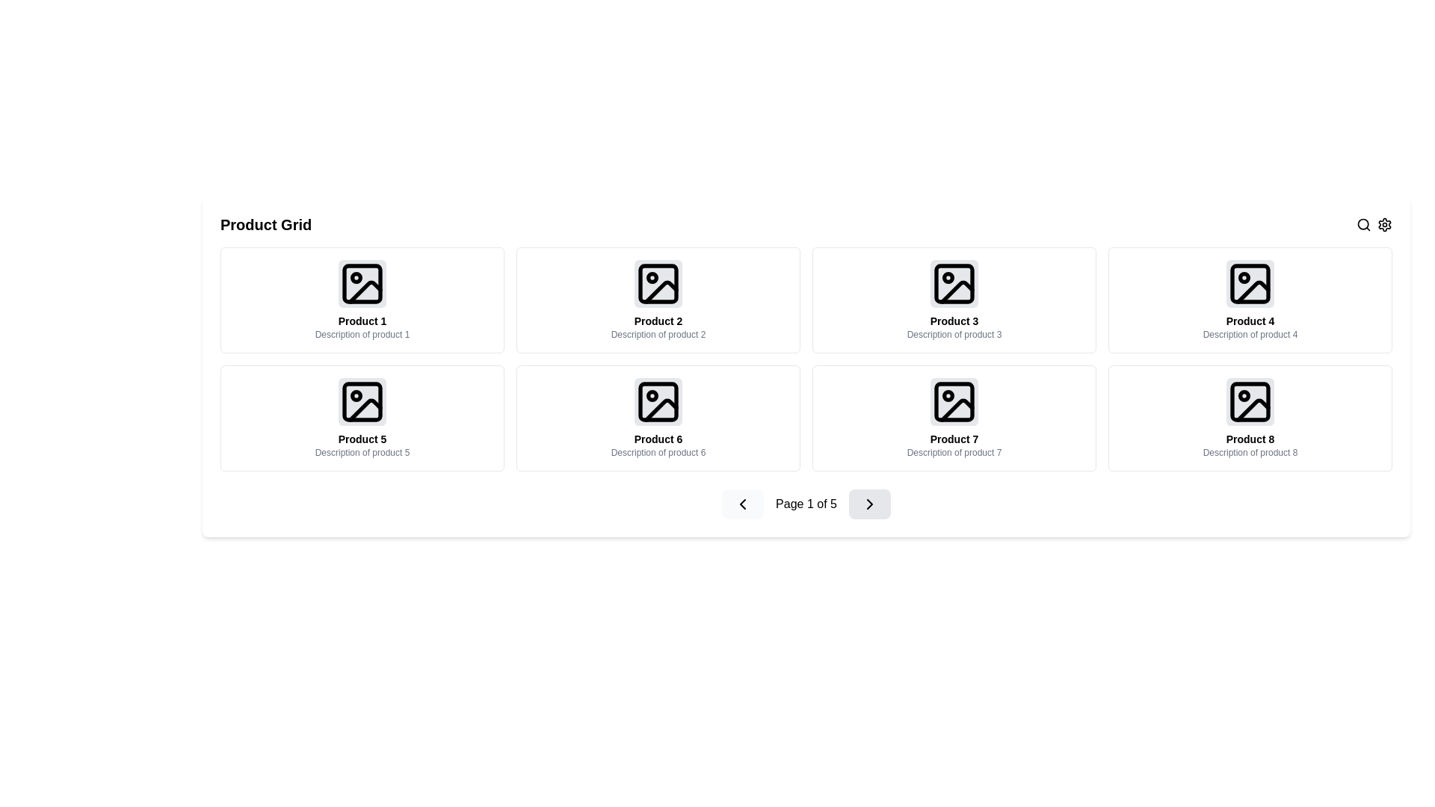 This screenshot has width=1435, height=807. I want to click on the Decorative SVG rectangle located in the bottom-right corner of the product grid for 'Product 8', so click(1250, 401).